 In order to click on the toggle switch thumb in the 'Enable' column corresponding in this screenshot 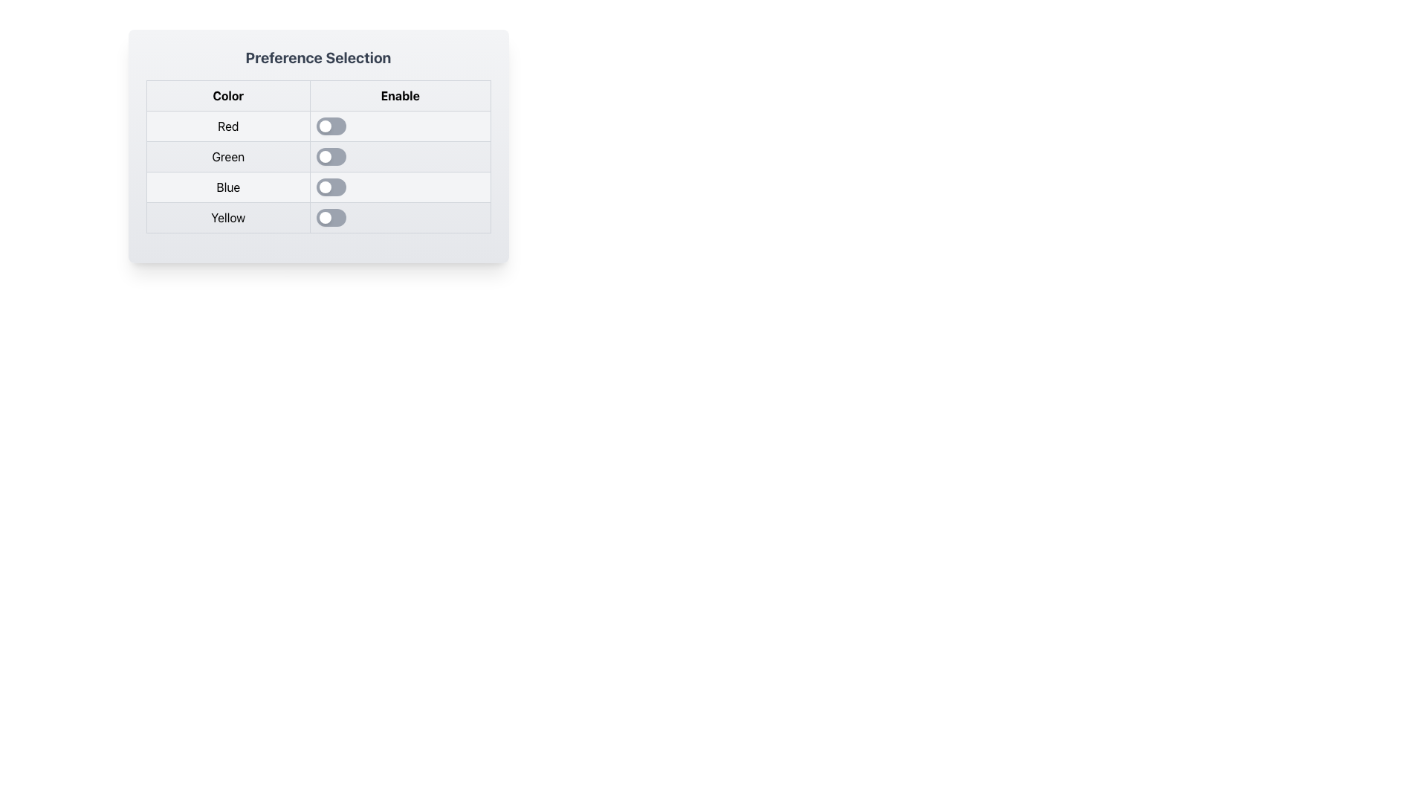, I will do `click(331, 157)`.